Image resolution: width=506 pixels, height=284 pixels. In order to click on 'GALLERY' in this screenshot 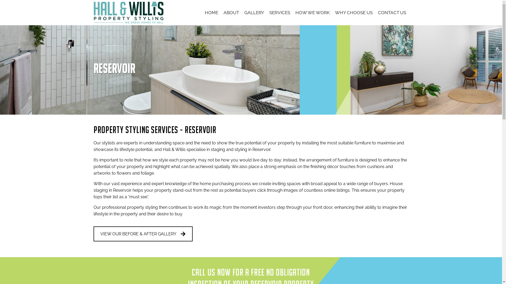, I will do `click(254, 12)`.